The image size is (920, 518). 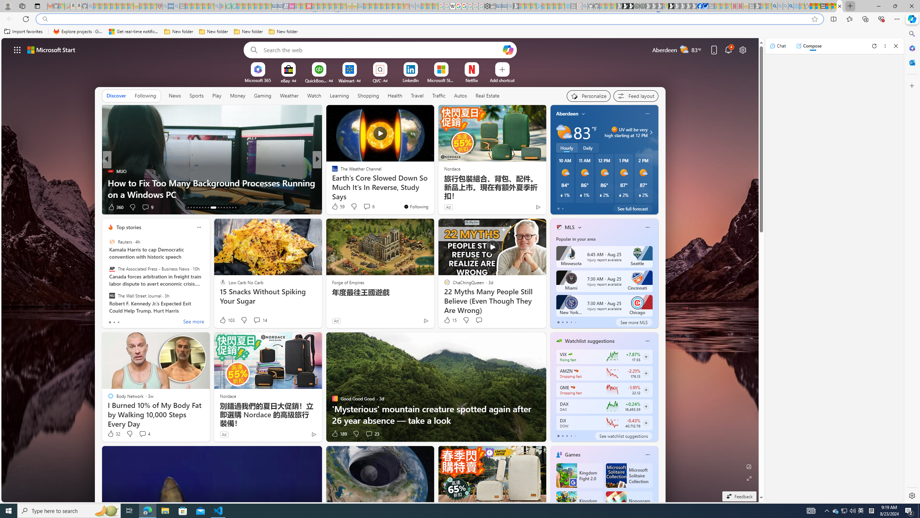 What do you see at coordinates (394, 95) in the screenshot?
I see `'Health'` at bounding box center [394, 95].